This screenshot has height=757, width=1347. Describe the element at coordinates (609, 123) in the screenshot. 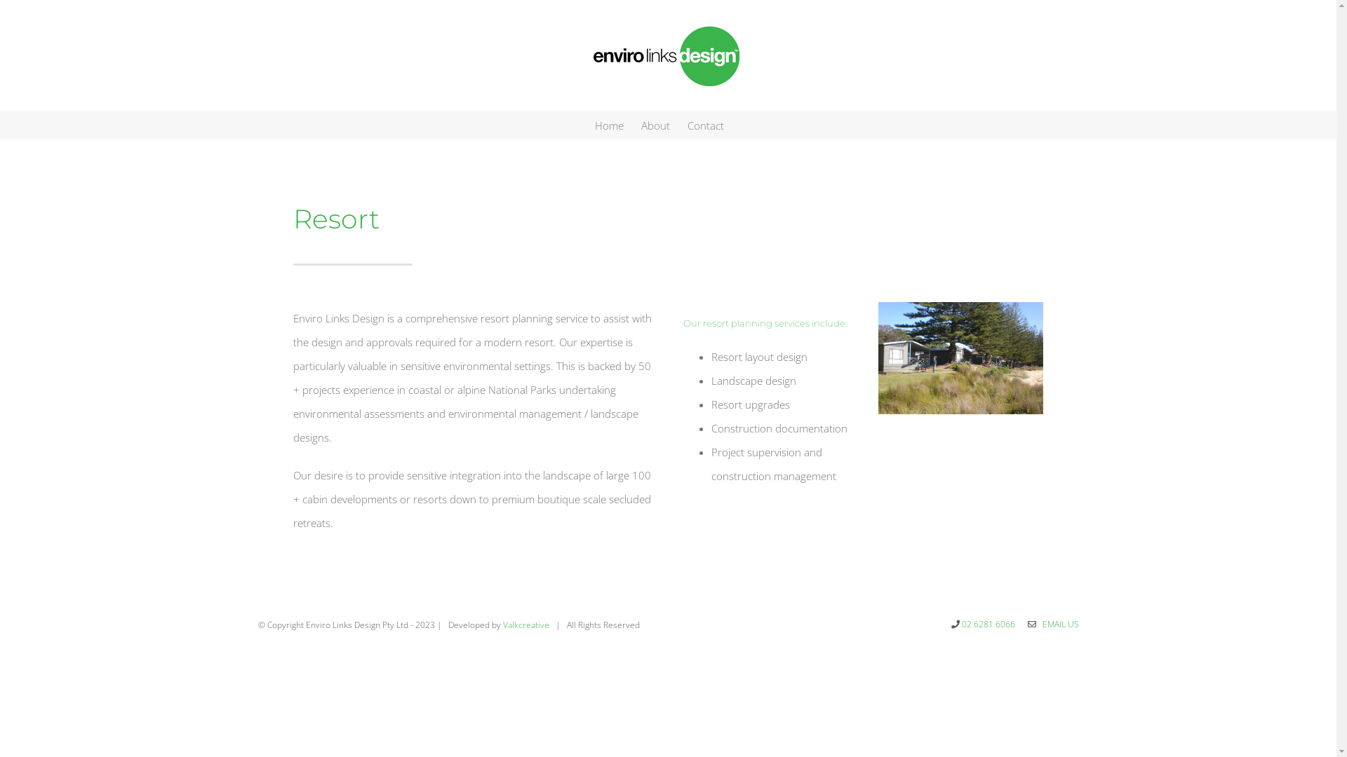

I see `'Home'` at that location.